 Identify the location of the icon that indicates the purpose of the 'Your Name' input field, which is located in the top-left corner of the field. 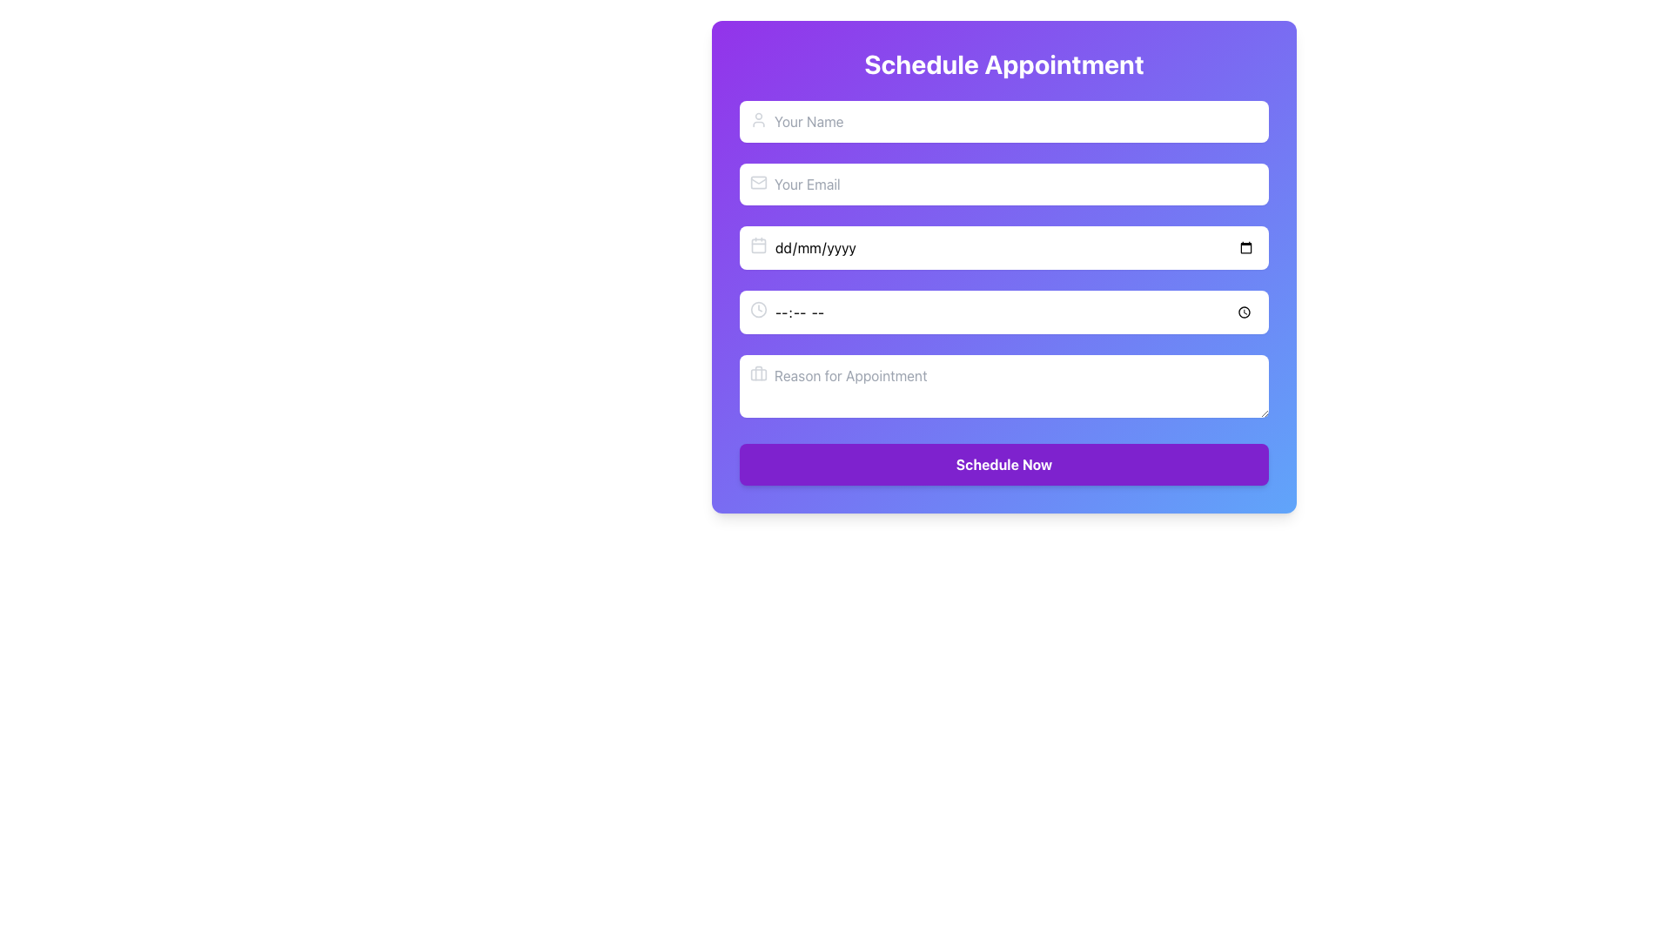
(759, 119).